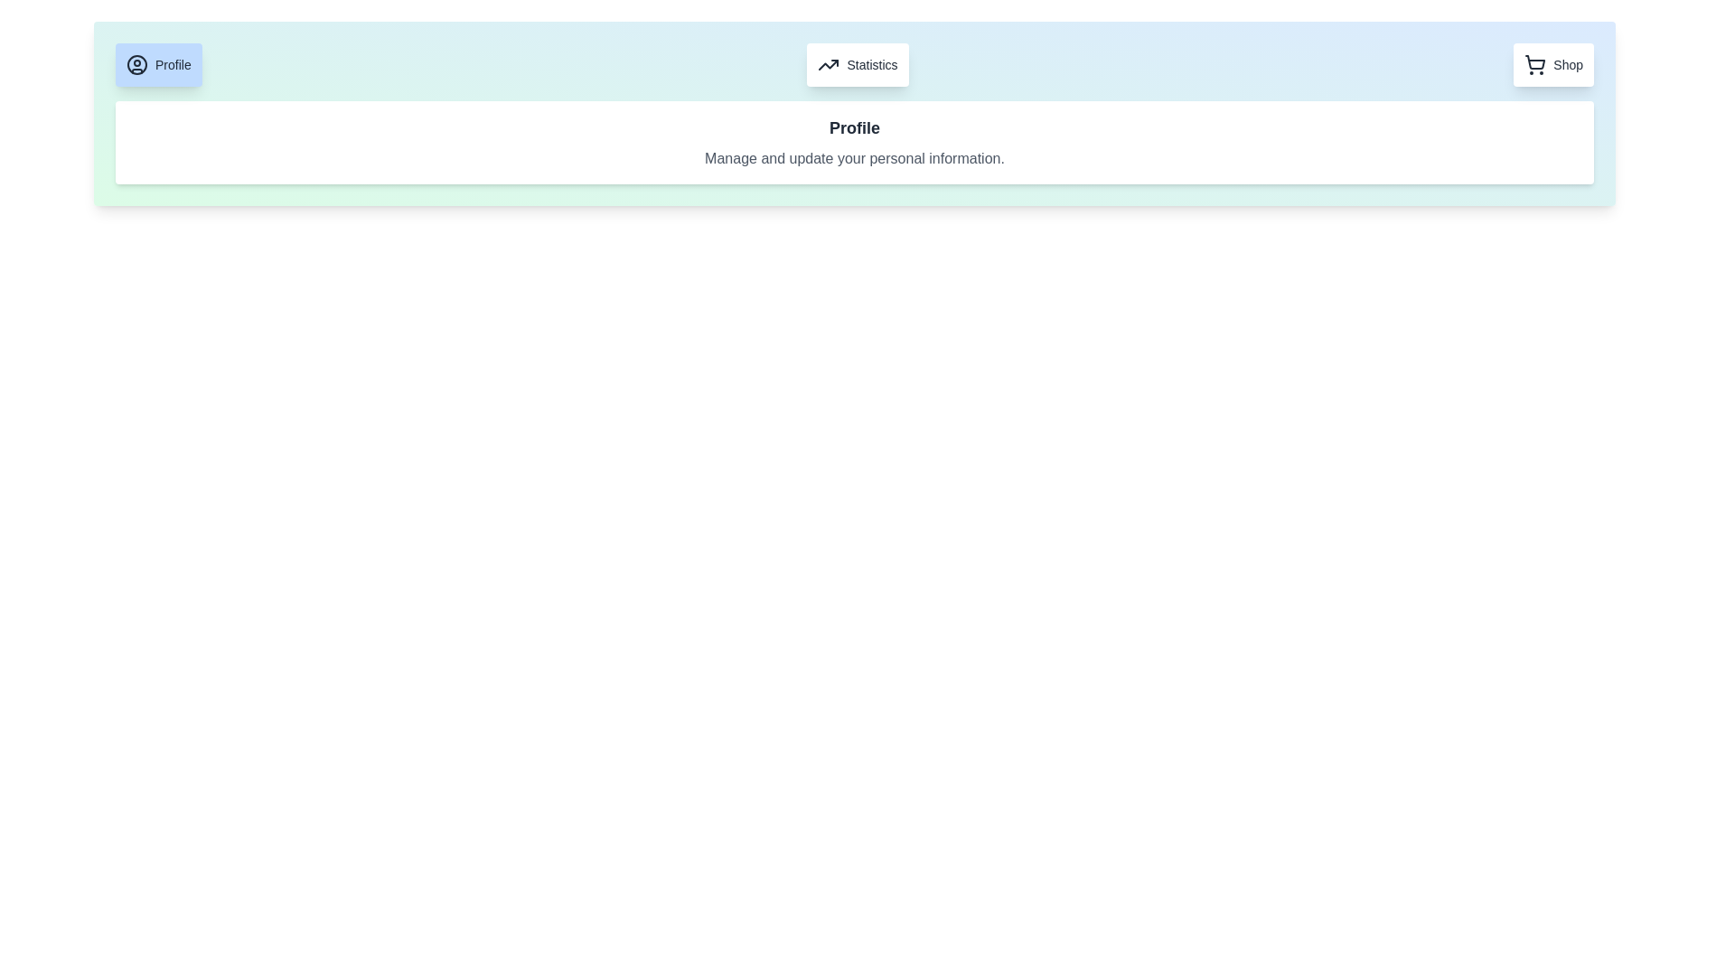 This screenshot has width=1735, height=976. What do you see at coordinates (173, 64) in the screenshot?
I see `the 'Profile' text label, which is displayed in a medium bold font in dark gray on a light blue background` at bounding box center [173, 64].